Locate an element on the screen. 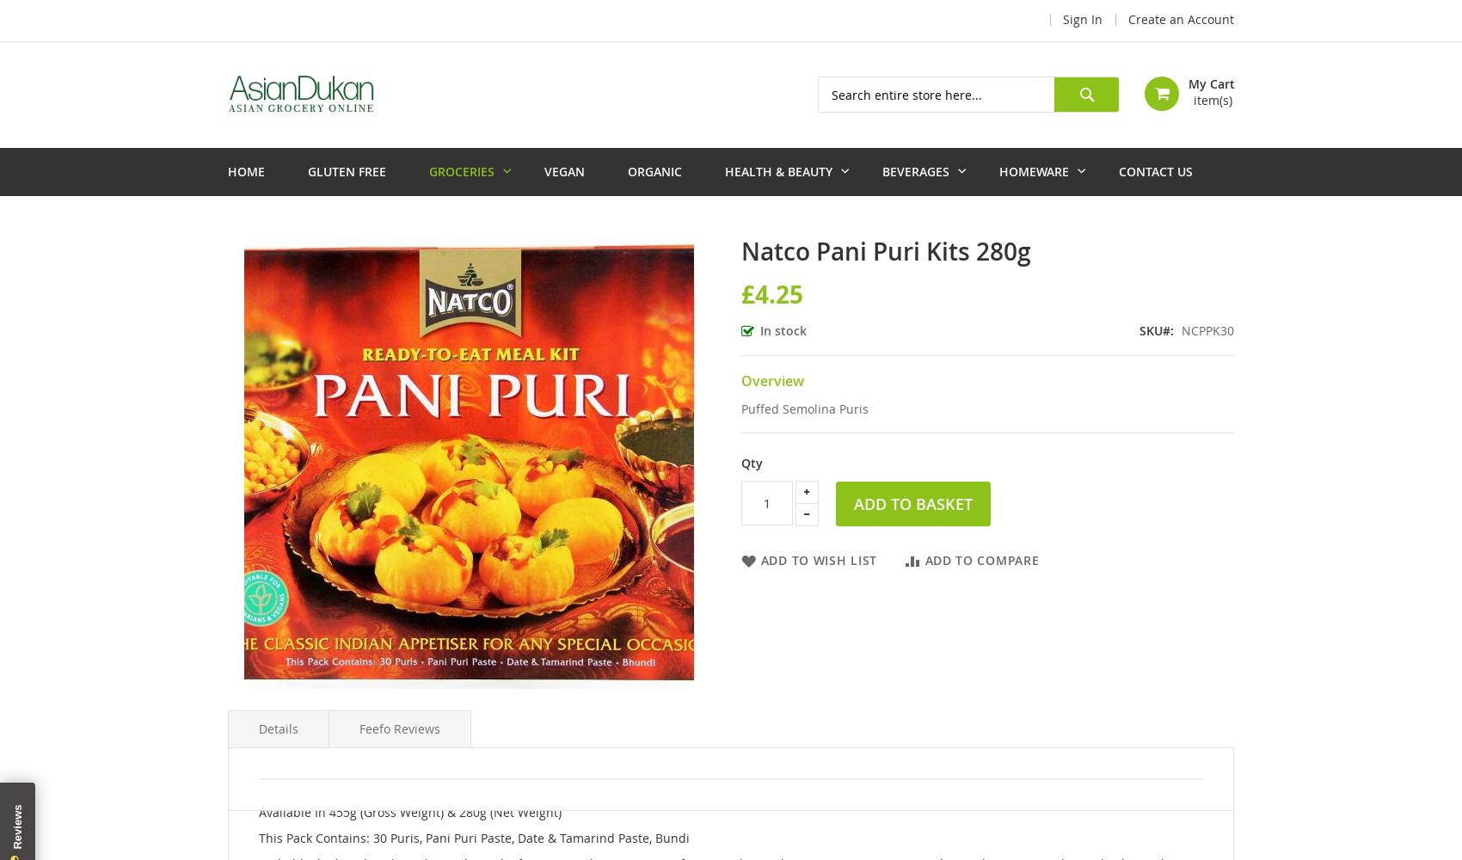  'Add to Compare' is located at coordinates (981, 560).